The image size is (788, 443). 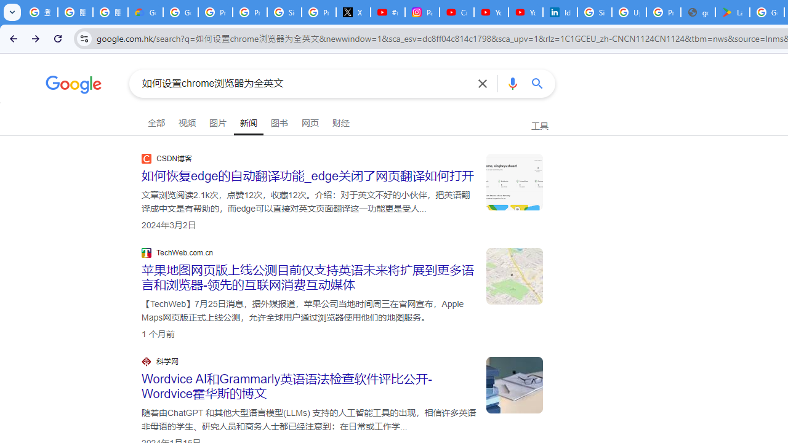 What do you see at coordinates (249, 12) in the screenshot?
I see `'Privacy Help Center - Policies Help'` at bounding box center [249, 12].